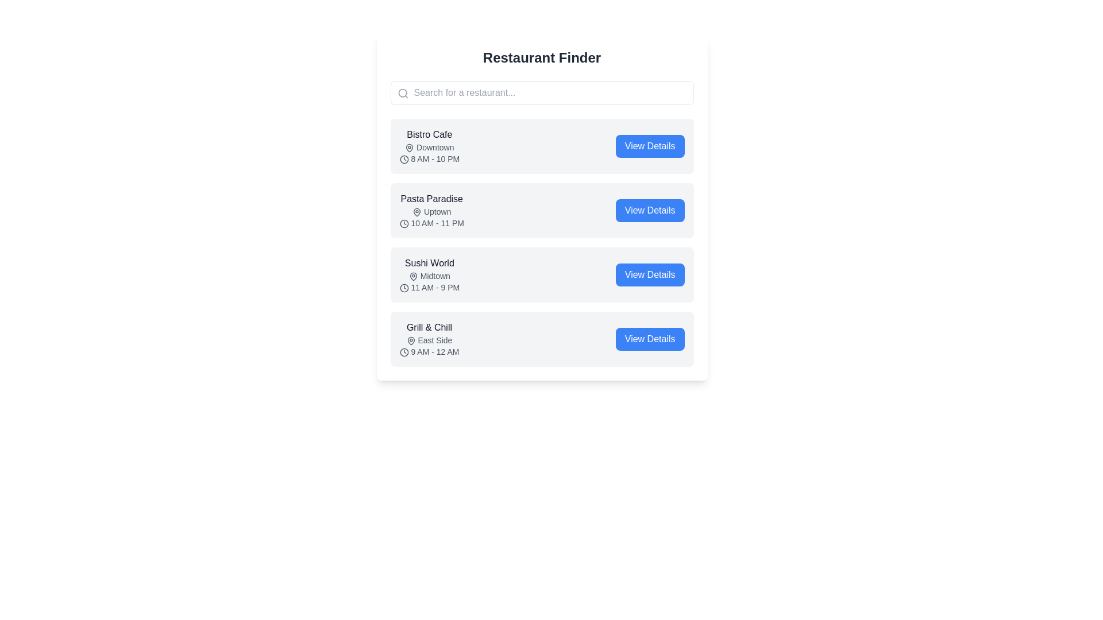 The image size is (1103, 620). Describe the element at coordinates (404, 288) in the screenshot. I see `the icon representing the operating hours for 'Sushi World', which is located immediately to the left of the time range text '11 AM - 9 PM'` at that location.